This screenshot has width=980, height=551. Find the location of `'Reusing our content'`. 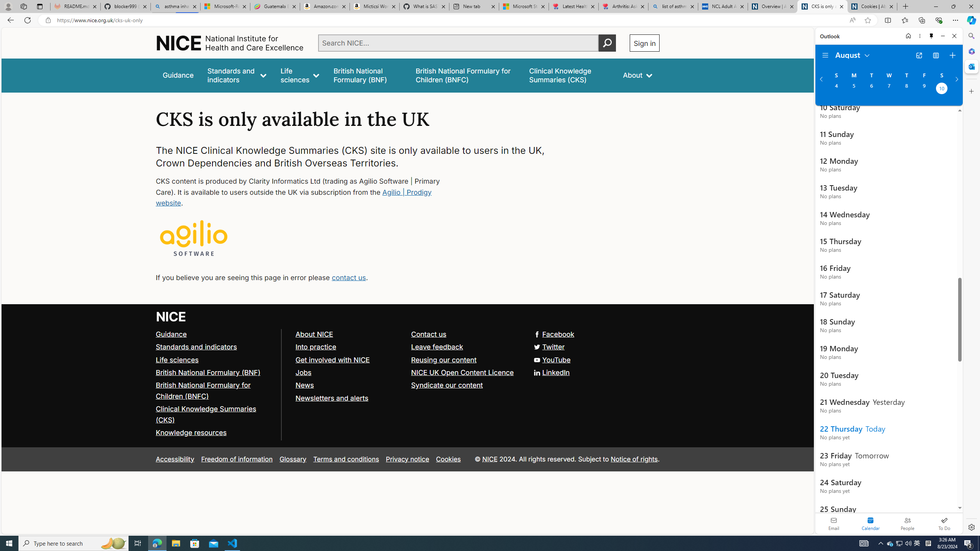

'Reusing our content' is located at coordinates (465, 360).